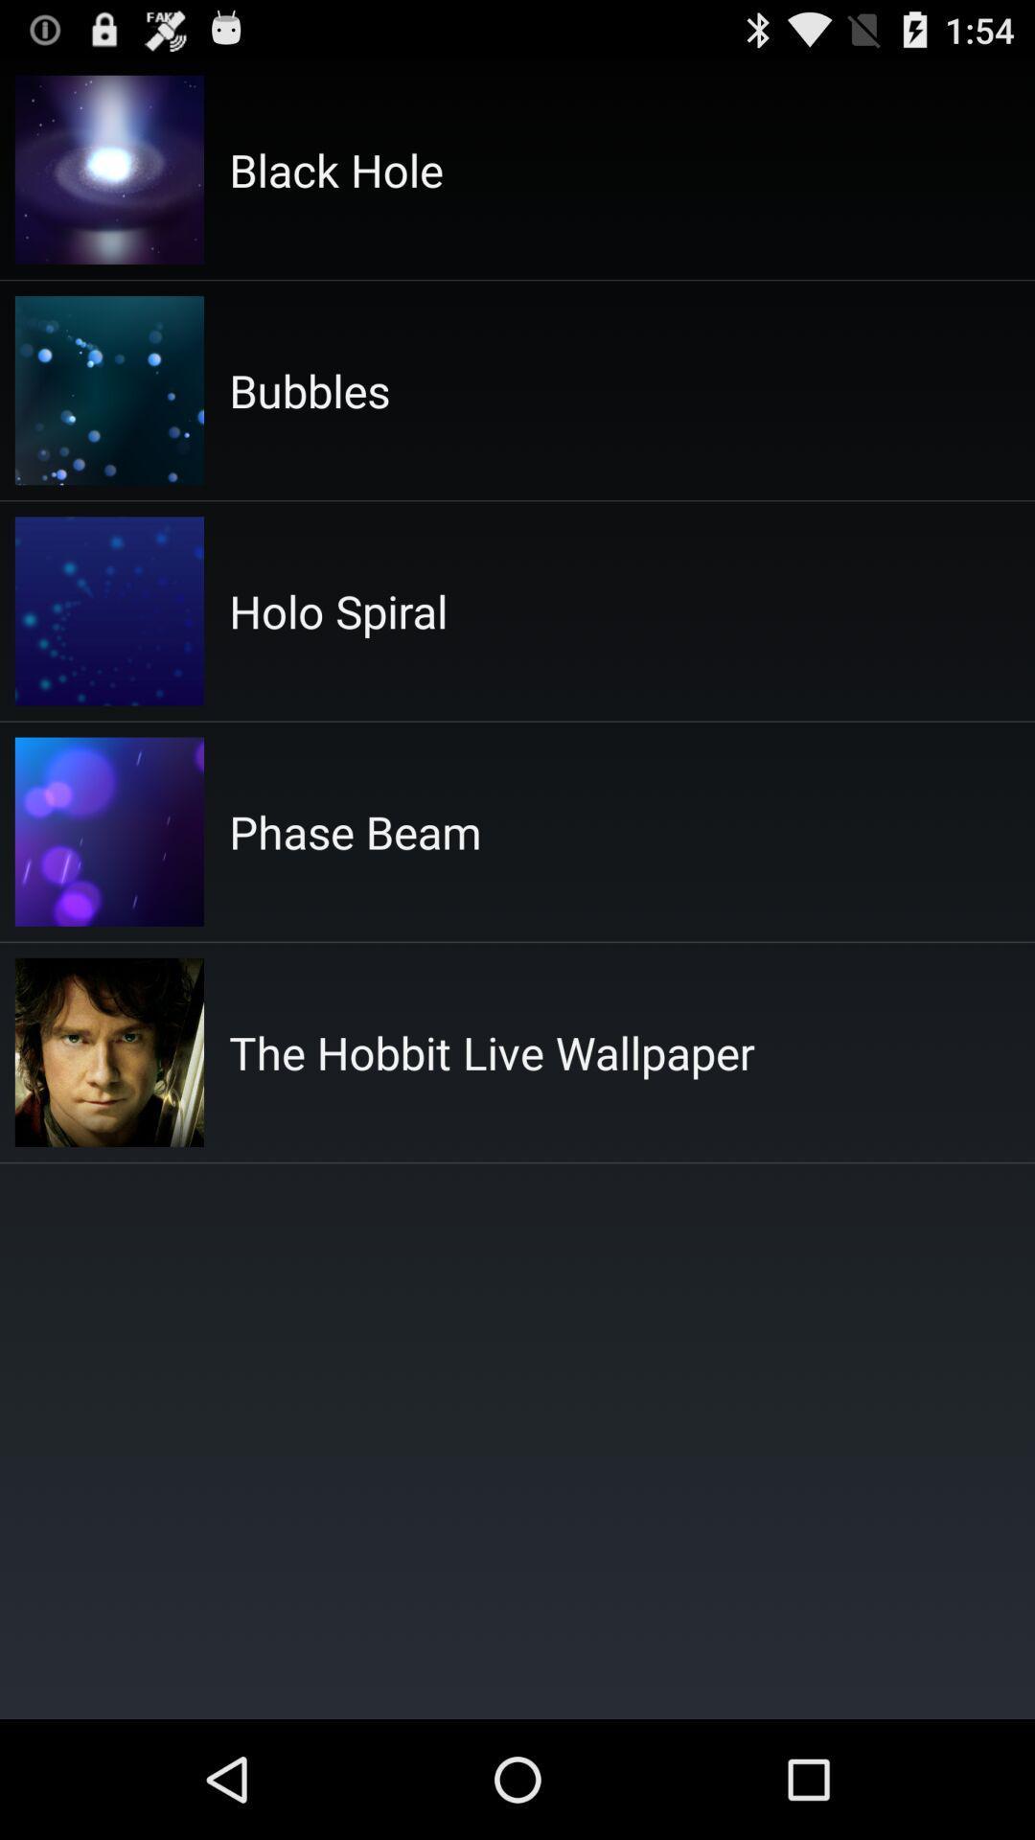  What do you see at coordinates (337, 609) in the screenshot?
I see `the item below the bubbles item` at bounding box center [337, 609].